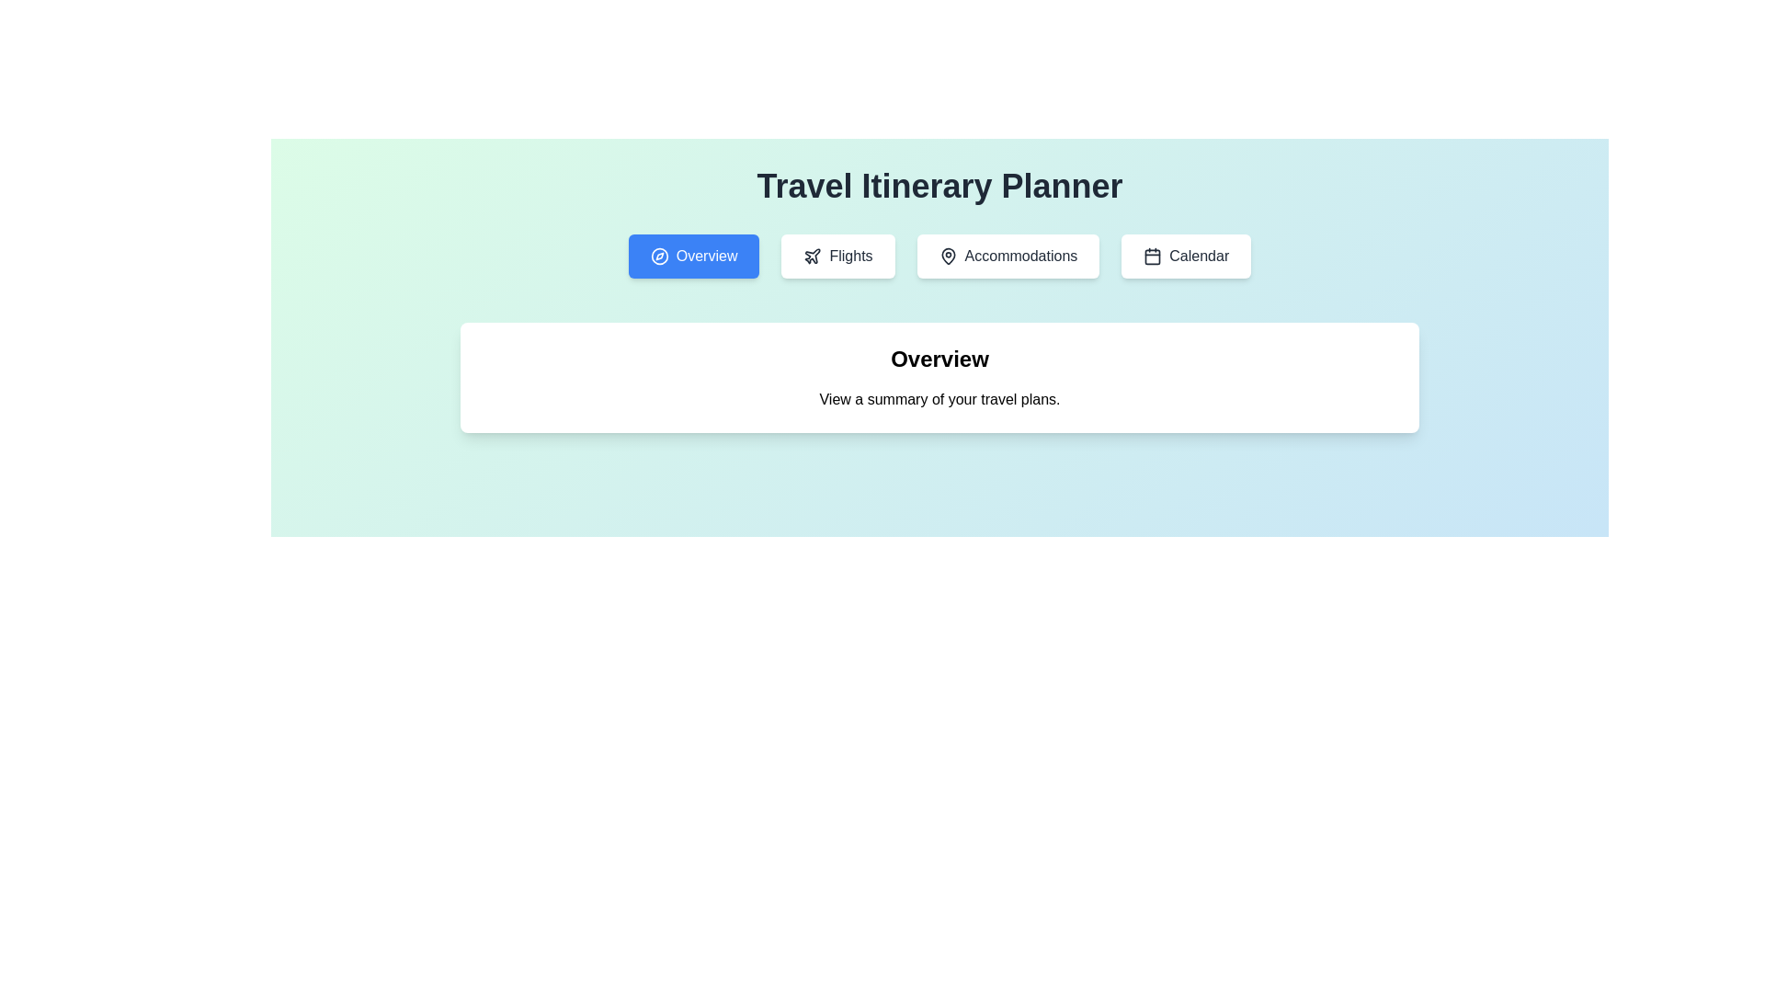 The image size is (1765, 993). What do you see at coordinates (1007, 256) in the screenshot?
I see `the 'Accommodations' button in the horizontal menu` at bounding box center [1007, 256].